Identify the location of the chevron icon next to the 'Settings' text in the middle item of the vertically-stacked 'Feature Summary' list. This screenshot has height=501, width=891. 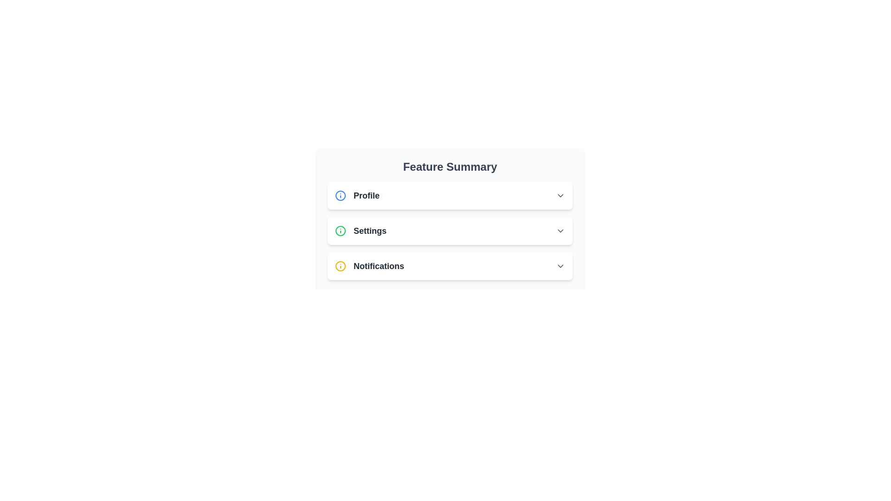
(560, 230).